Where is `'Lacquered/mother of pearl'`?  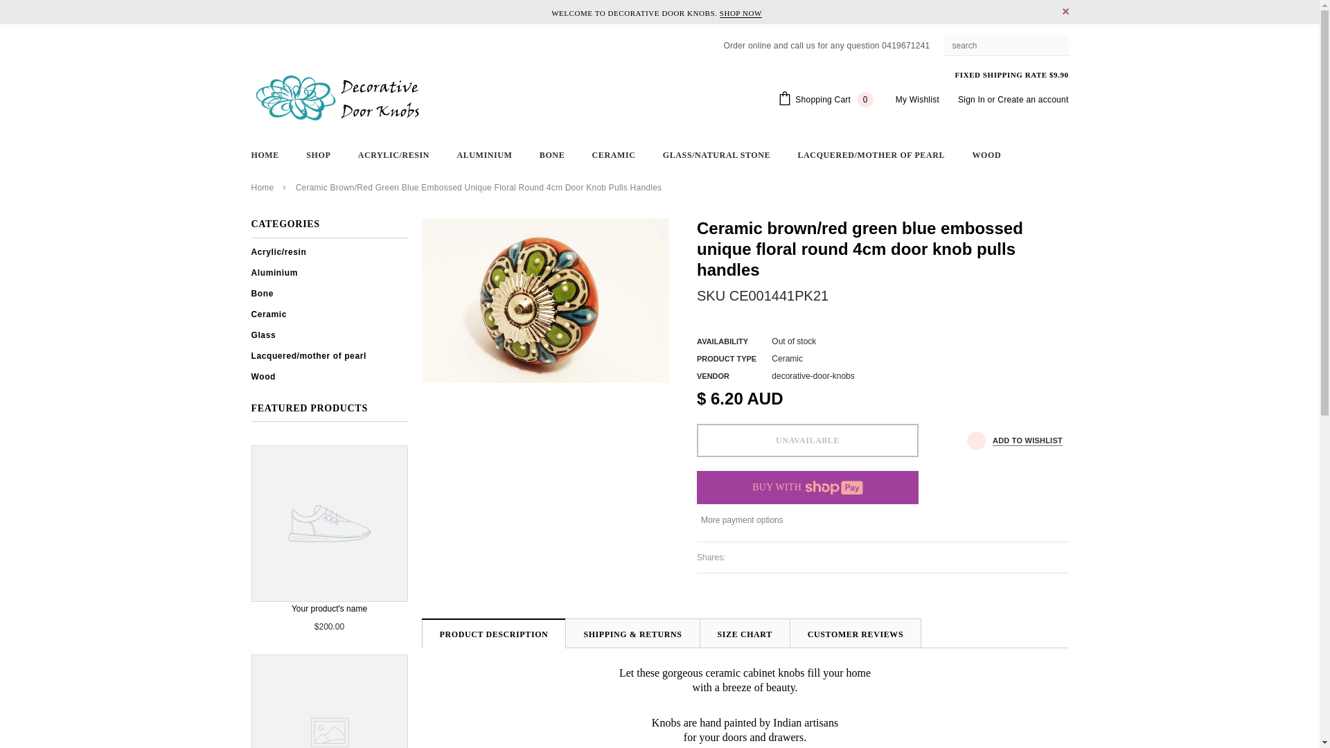
'Lacquered/mother of pearl' is located at coordinates (250, 355).